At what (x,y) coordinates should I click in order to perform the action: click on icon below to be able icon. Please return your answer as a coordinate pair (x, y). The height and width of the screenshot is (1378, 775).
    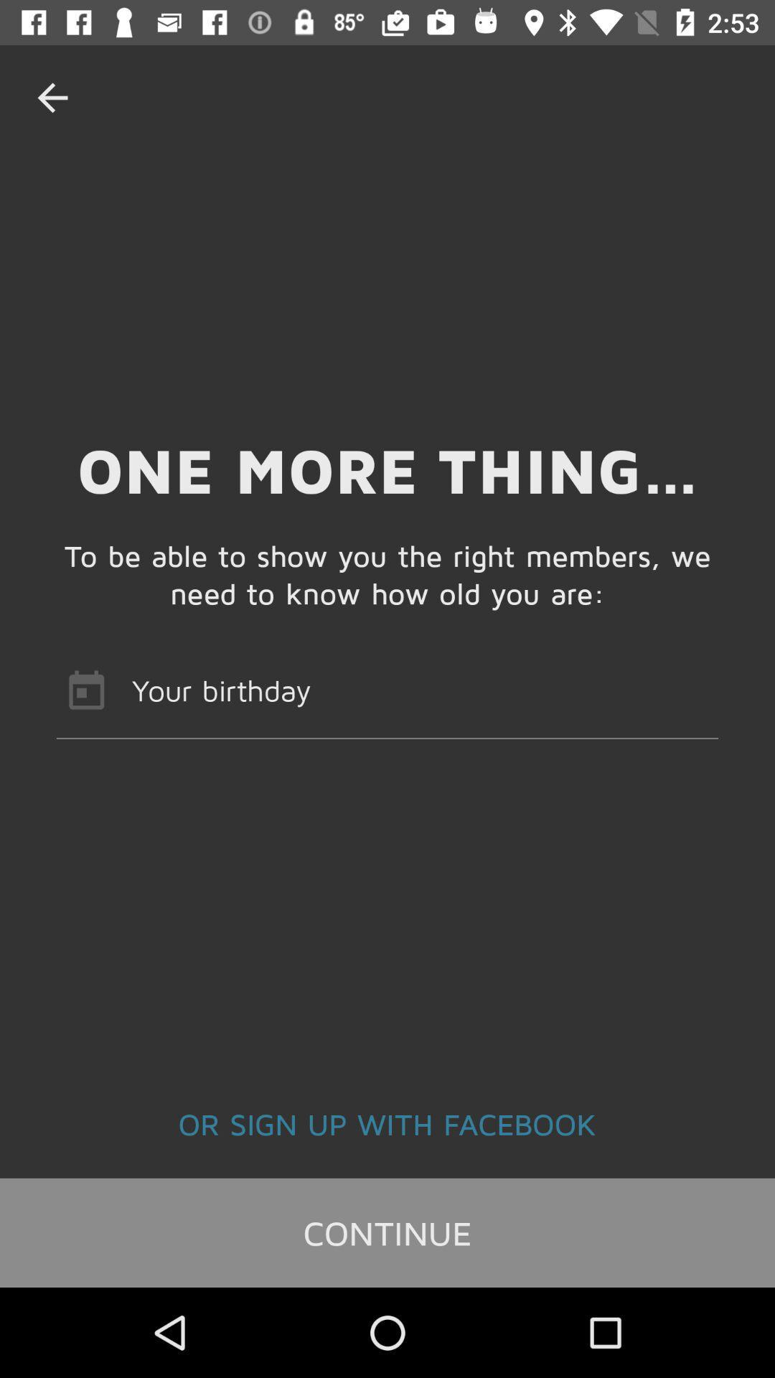
    Looking at the image, I should click on (387, 690).